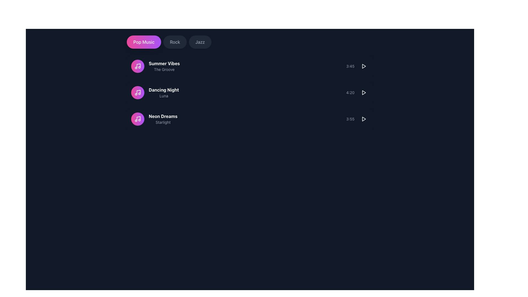 The width and height of the screenshot is (528, 297). What do you see at coordinates (364, 92) in the screenshot?
I see `the play button next to the song 'Dancing Night' by Luna in the second row of the list` at bounding box center [364, 92].